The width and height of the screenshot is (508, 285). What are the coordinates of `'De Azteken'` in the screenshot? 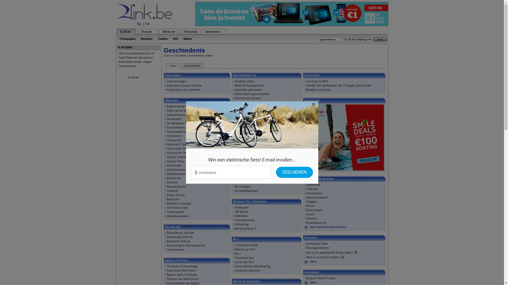 It's located at (166, 119).